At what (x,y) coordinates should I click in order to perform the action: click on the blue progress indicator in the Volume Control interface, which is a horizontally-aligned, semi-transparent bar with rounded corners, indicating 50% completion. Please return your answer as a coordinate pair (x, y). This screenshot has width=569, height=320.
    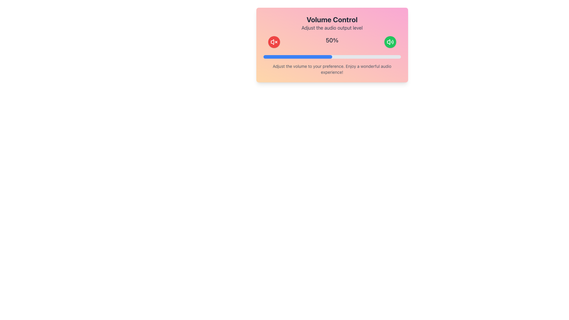
    Looking at the image, I should click on (298, 57).